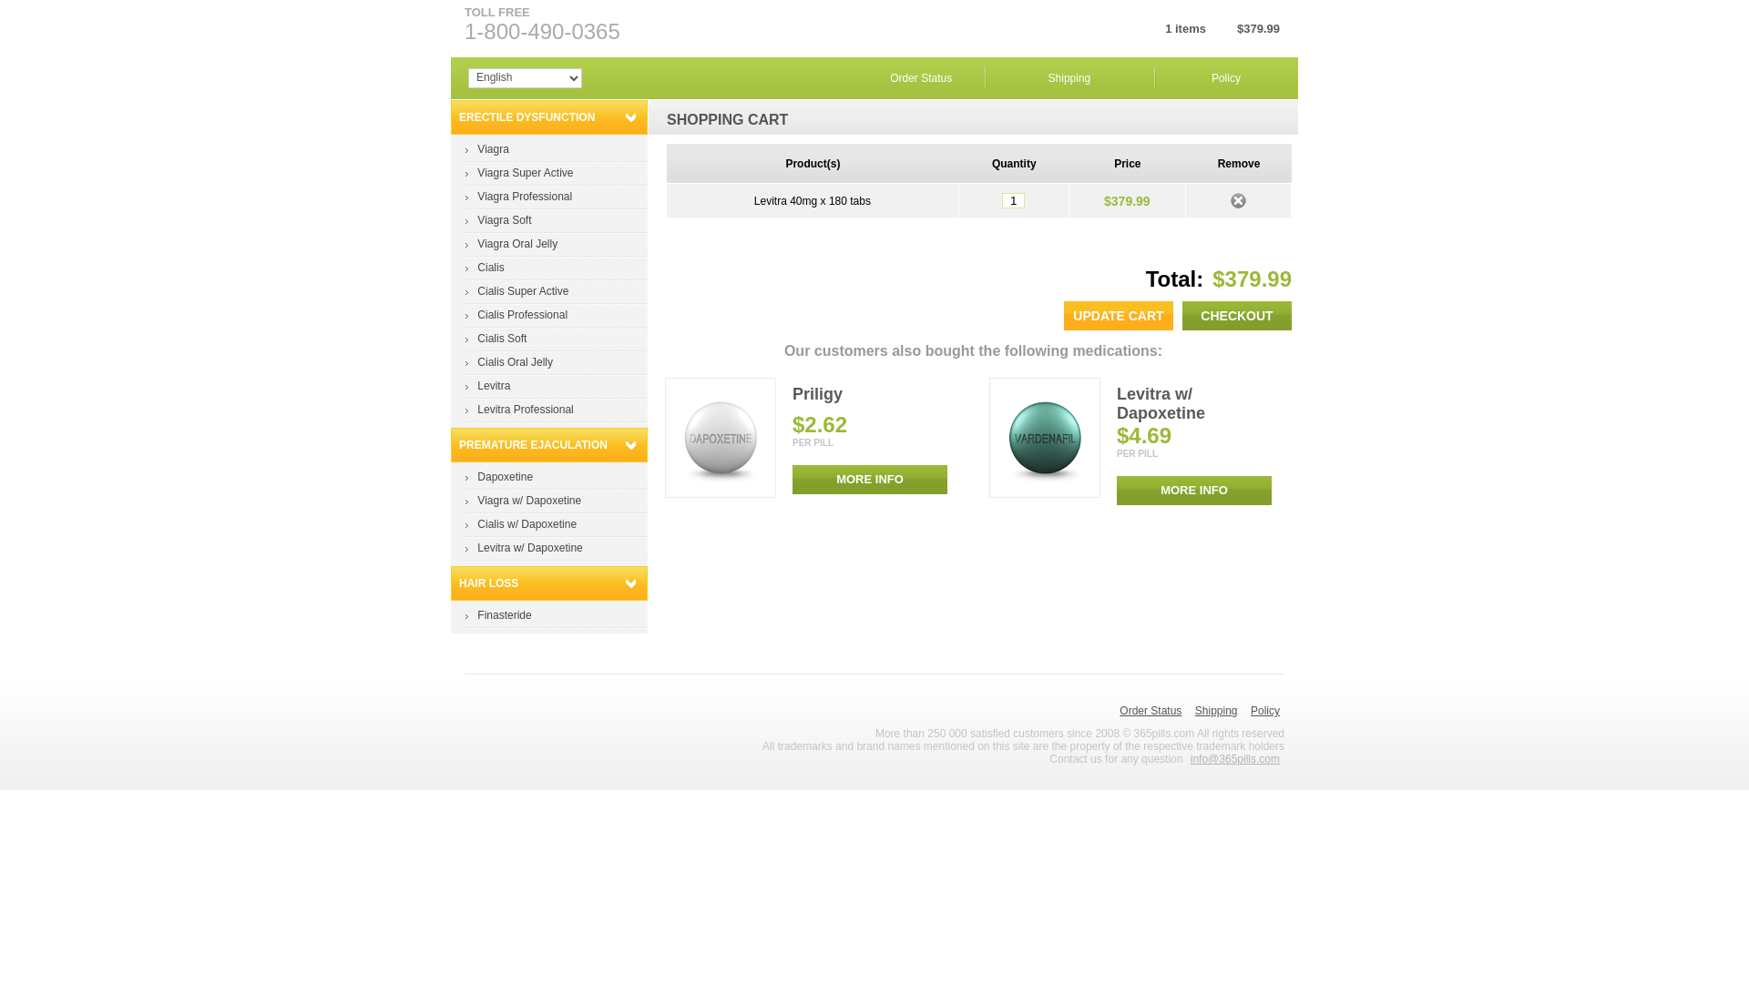  What do you see at coordinates (524, 172) in the screenshot?
I see `'Viagra Super Active'` at bounding box center [524, 172].